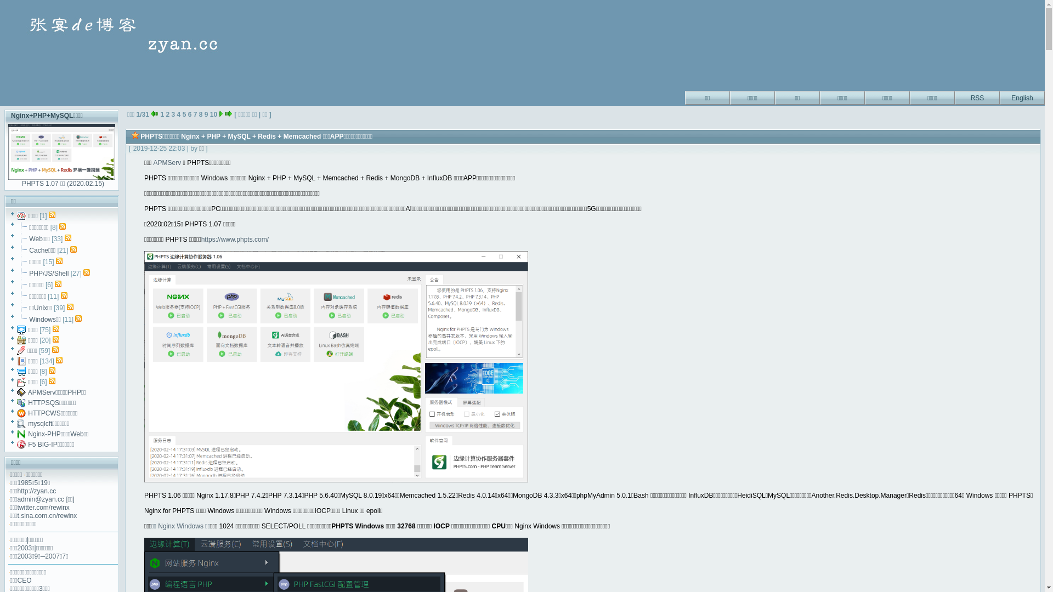 Image resolution: width=1053 pixels, height=592 pixels. I want to click on '5', so click(184, 114).